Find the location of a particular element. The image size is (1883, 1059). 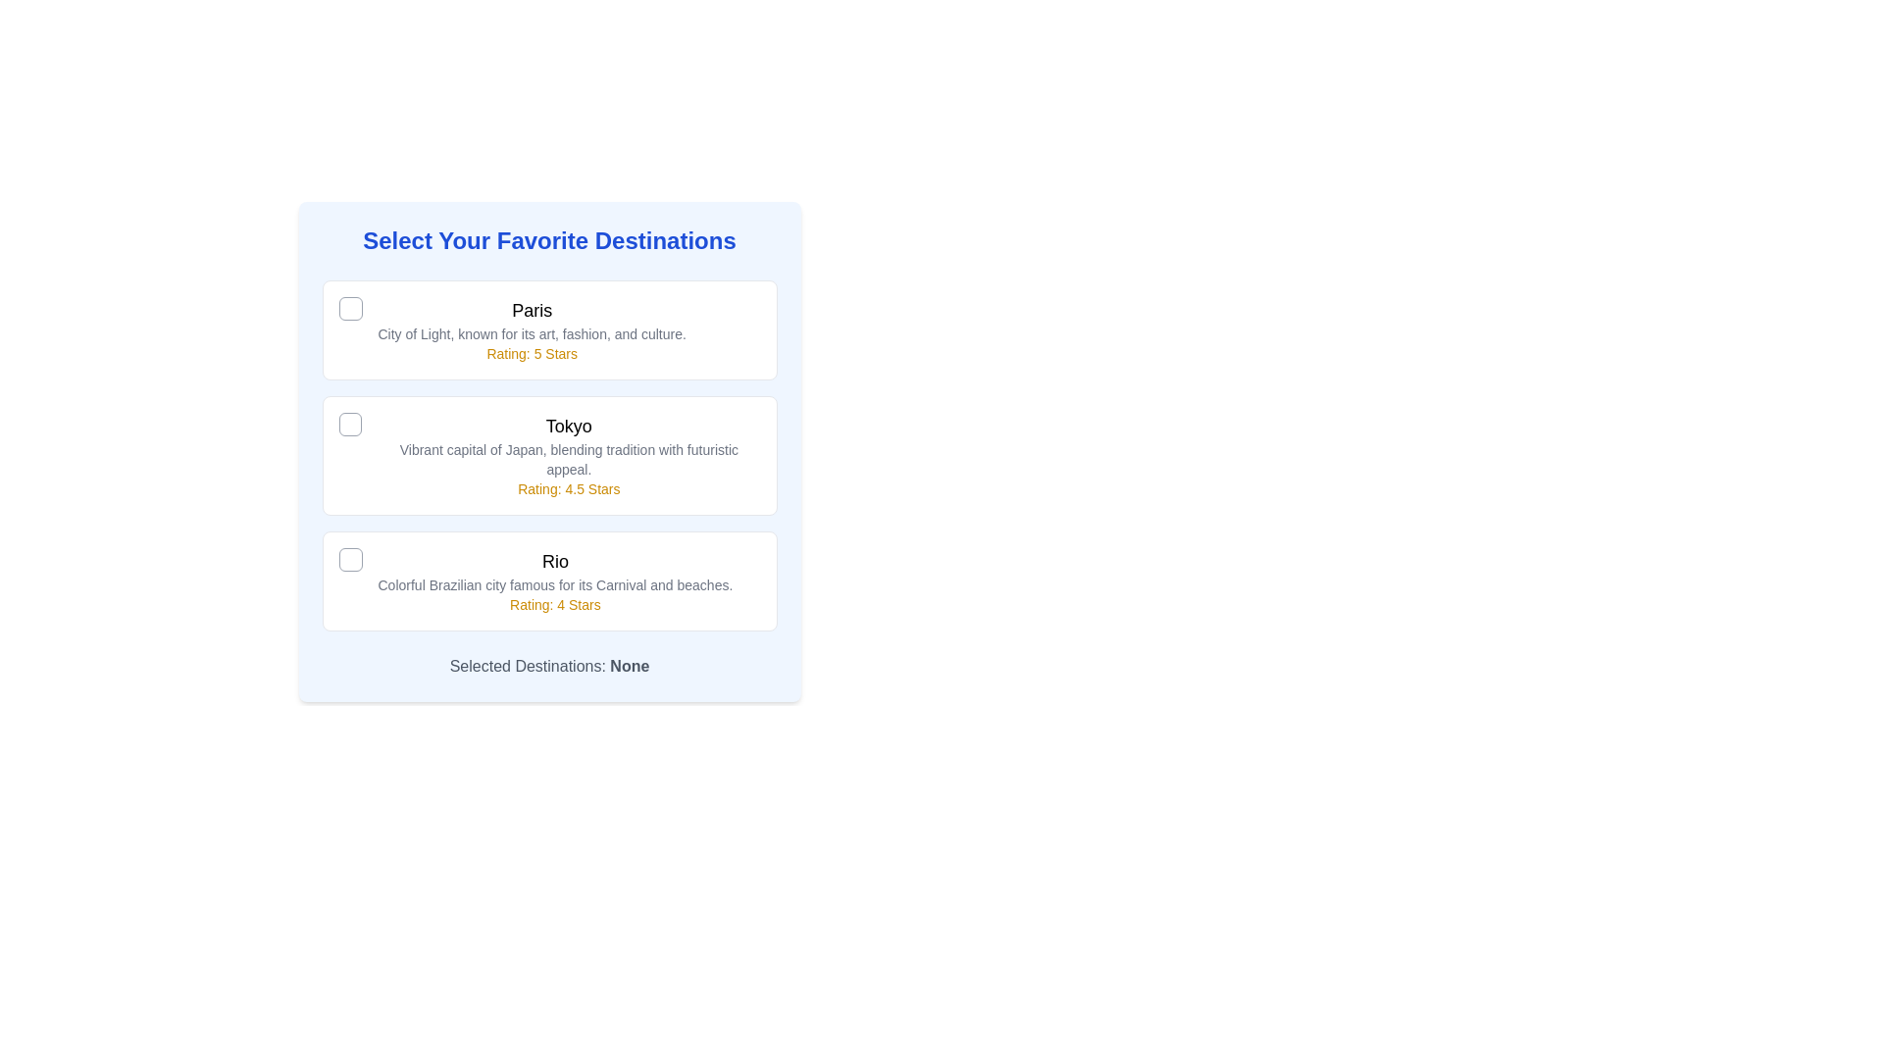

the static text element stating 'City of Light, known for its art, fashion, and culture.' which is positioned below the title 'Paris' and above the rating 'Rating: 5 Stars' is located at coordinates (532, 332).